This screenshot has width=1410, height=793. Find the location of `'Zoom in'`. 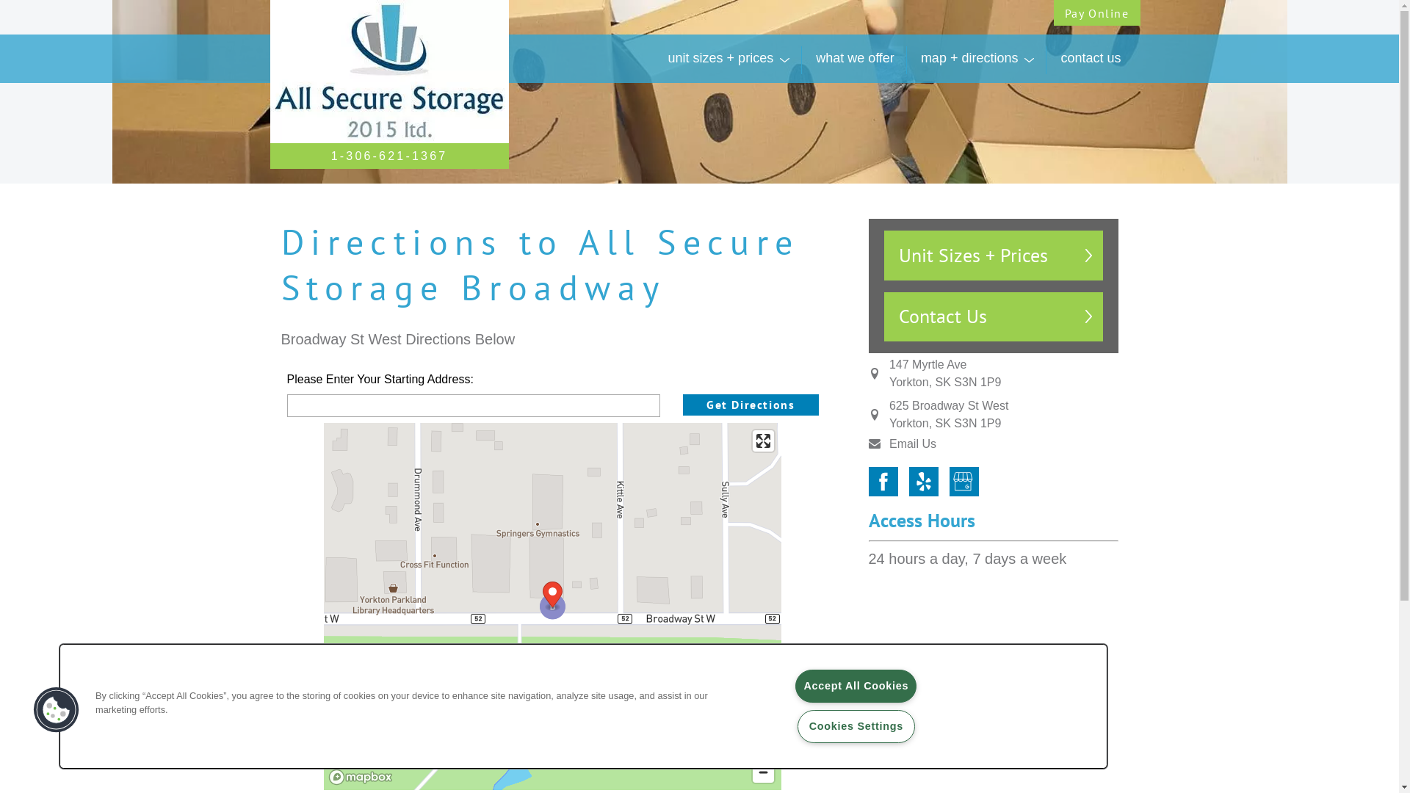

'Zoom in' is located at coordinates (753, 750).